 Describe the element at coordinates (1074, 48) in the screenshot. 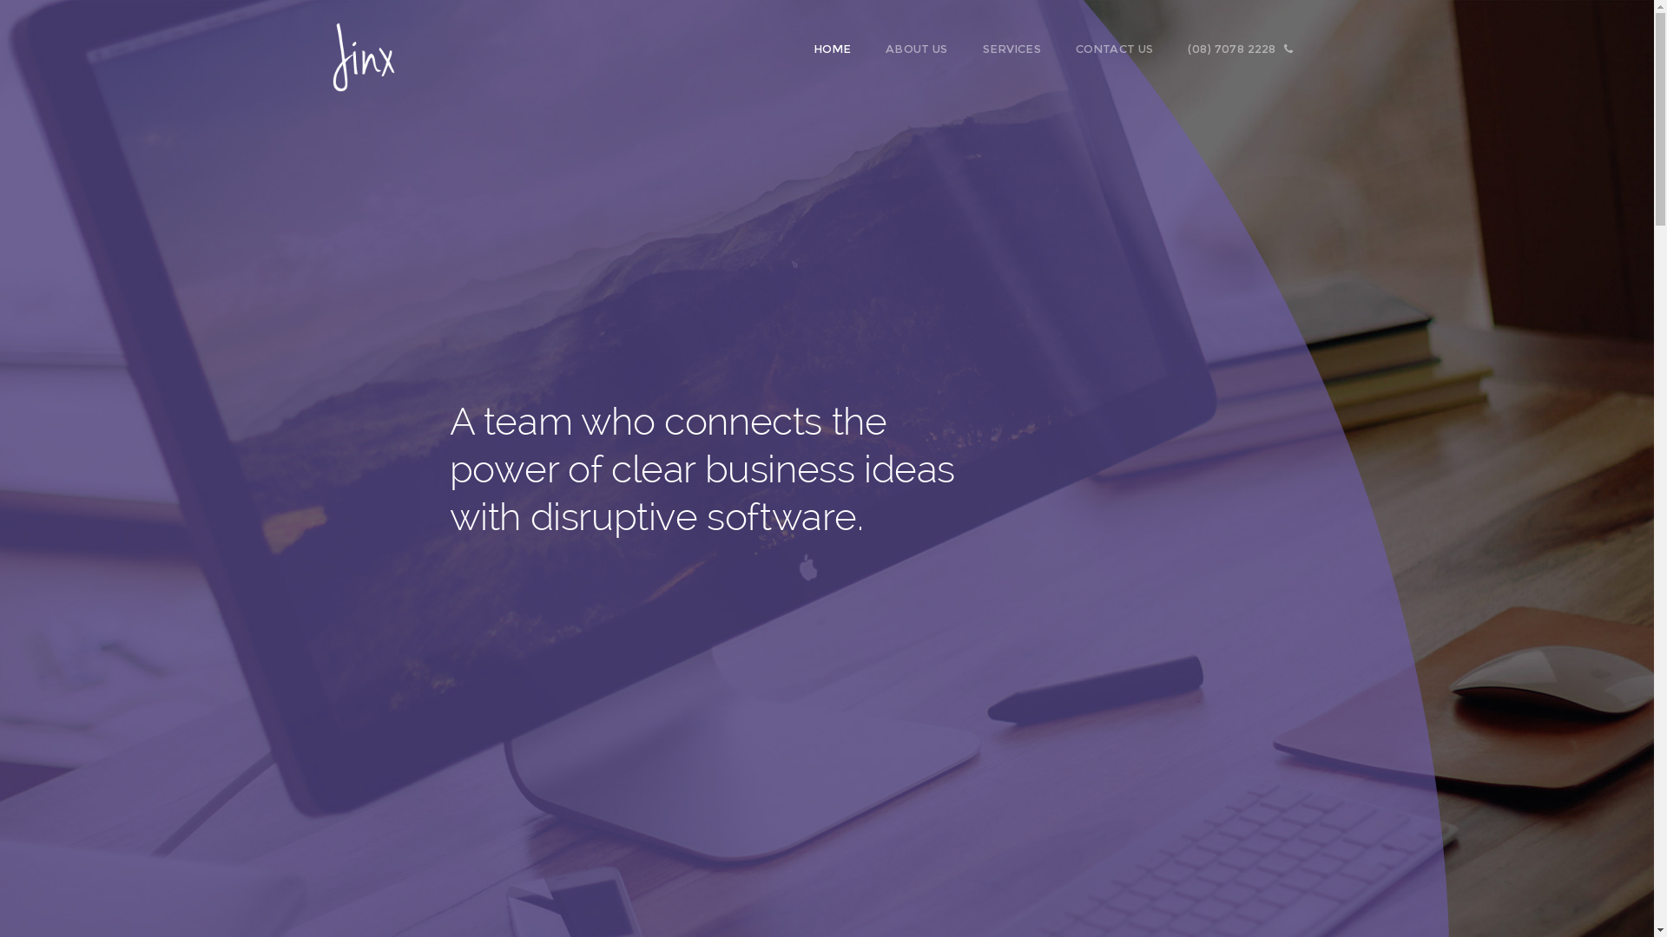

I see `'CONTACT US'` at that location.